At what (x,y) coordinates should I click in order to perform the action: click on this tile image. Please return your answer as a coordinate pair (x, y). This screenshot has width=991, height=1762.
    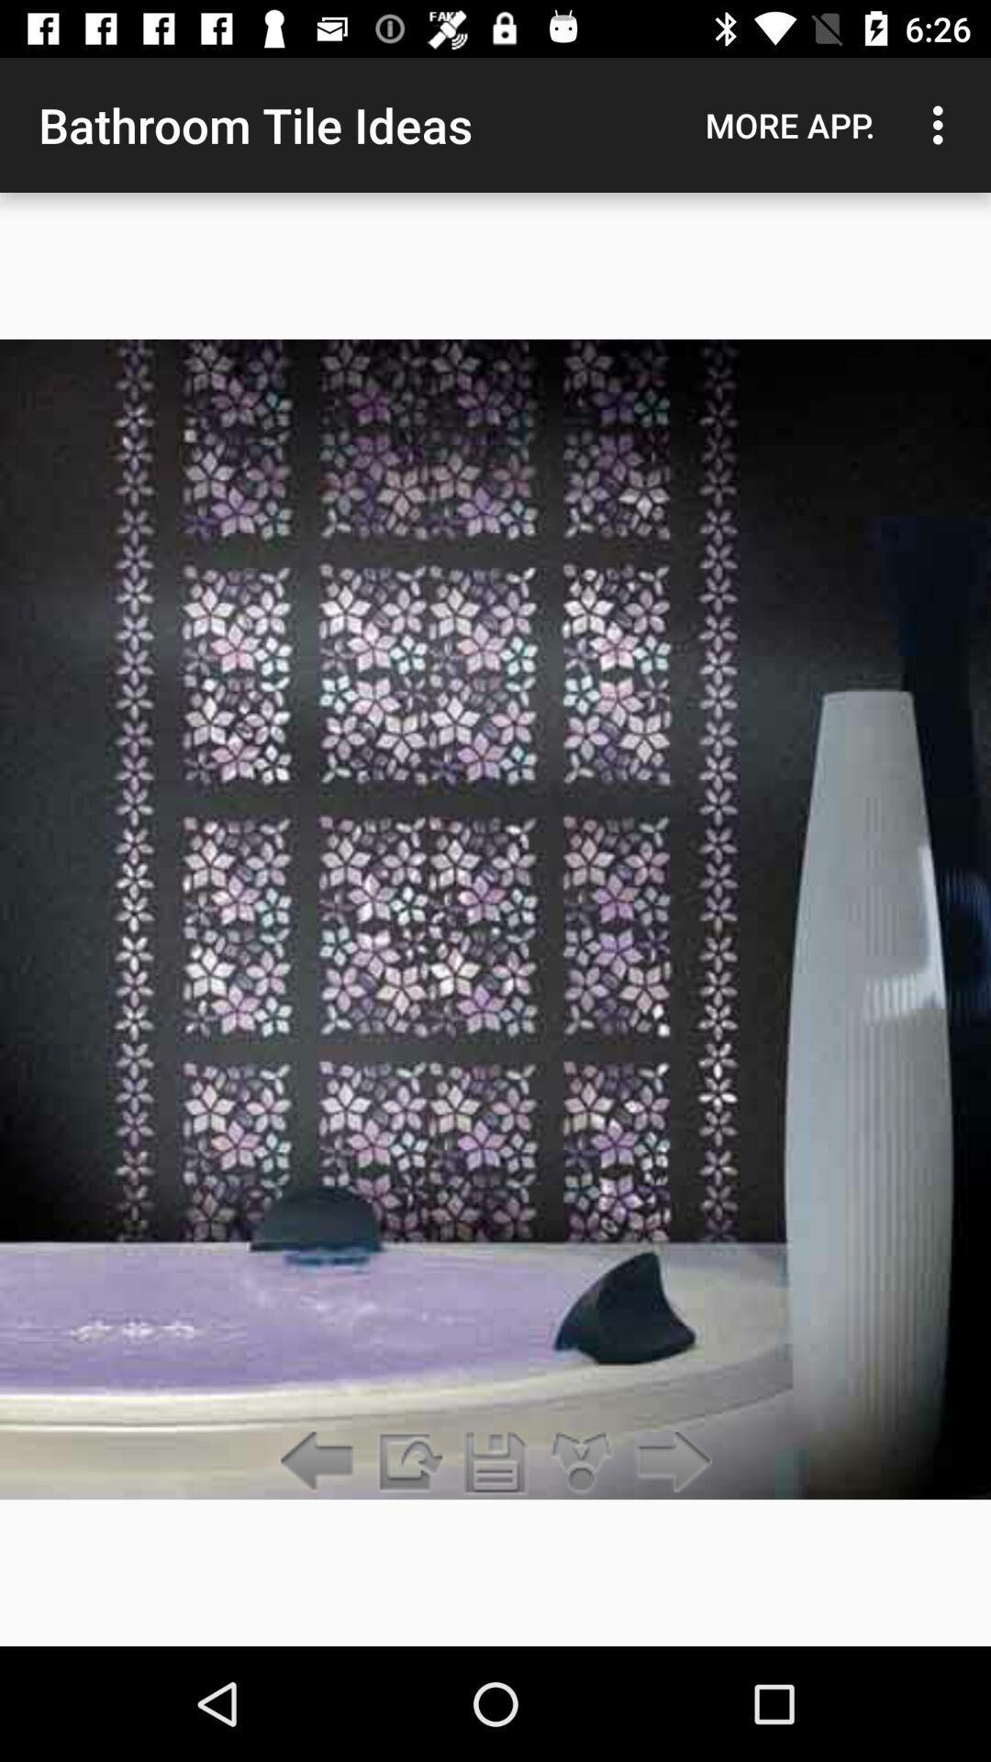
    Looking at the image, I should click on (495, 1462).